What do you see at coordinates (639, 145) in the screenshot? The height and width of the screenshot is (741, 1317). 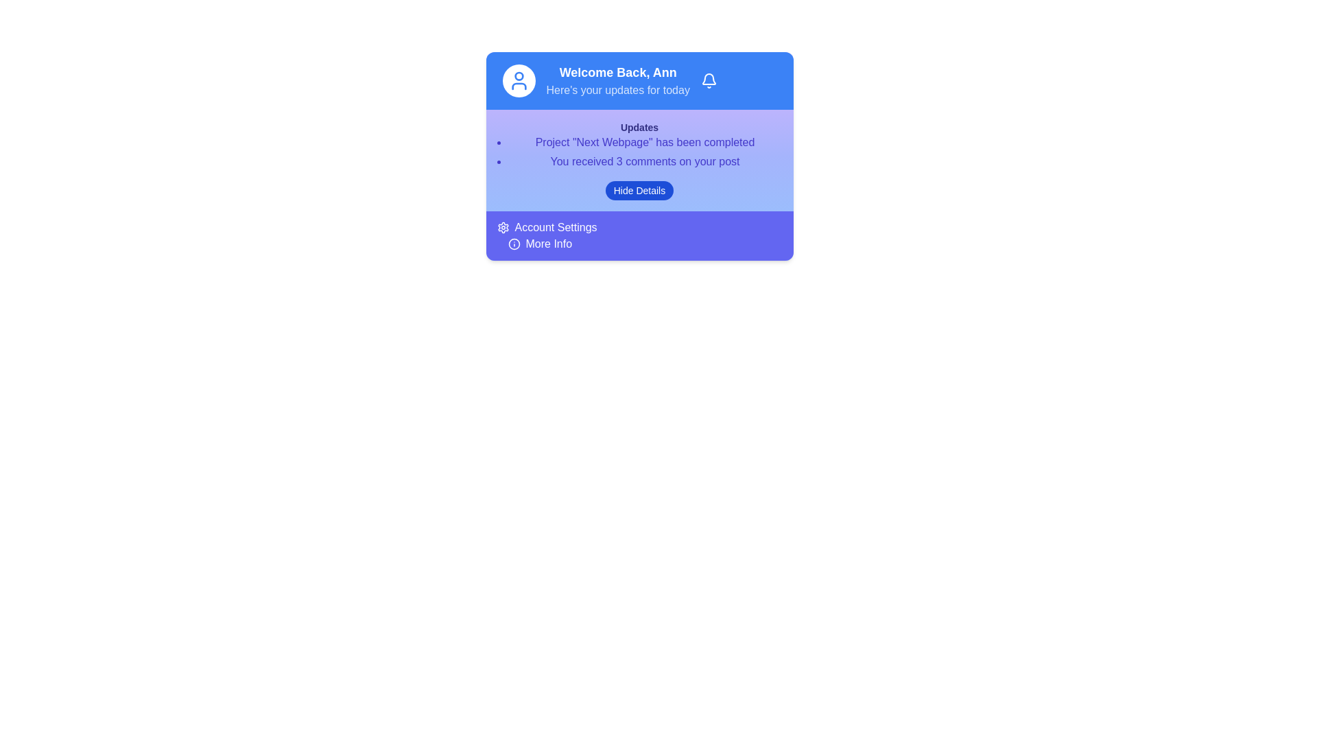 I see `text from the informational display block located under the 'Updates' heading, which summarizes project completions and comments received` at bounding box center [639, 145].